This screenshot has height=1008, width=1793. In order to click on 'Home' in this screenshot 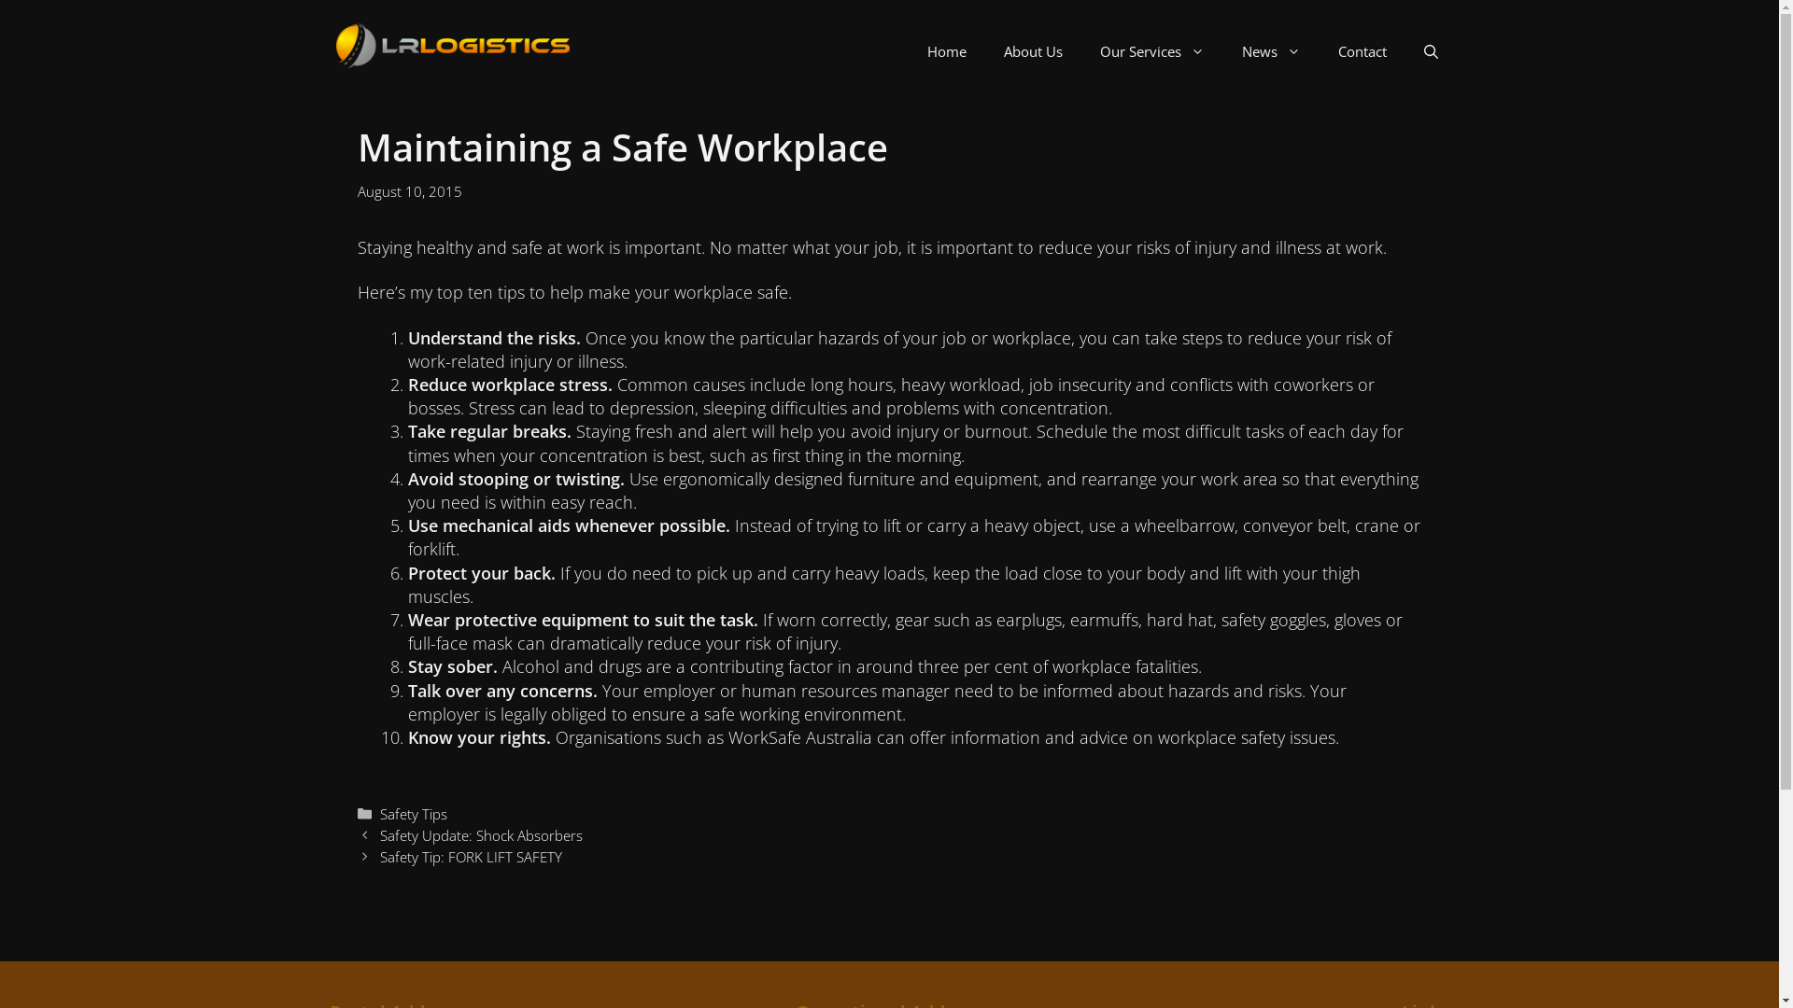, I will do `click(946, 49)`.